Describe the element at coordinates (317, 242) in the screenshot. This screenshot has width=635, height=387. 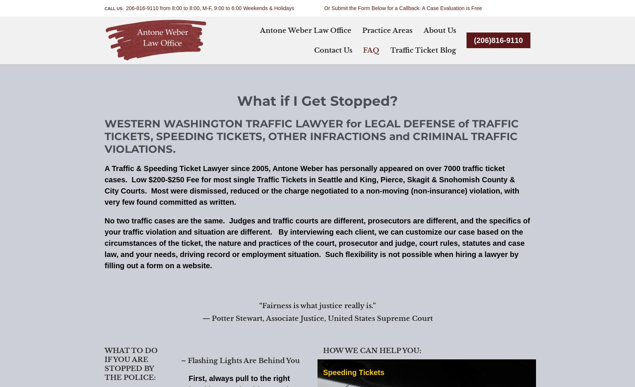
I see `'No two traffic cases are the same.  Judges and traffic courts are different, prosecutors are different, and the specifics of your traffic violation and situation are different.   By interviewing each client, we can customize our case based on the circumstances of the ticket, the nature and practices of the court, prosecutor and judge, court rules, statutes and case law, and your needs, driving record or employment situation.  Such flexibility is not possible when hiring a lawyer by filling out a form on a website.'` at that location.